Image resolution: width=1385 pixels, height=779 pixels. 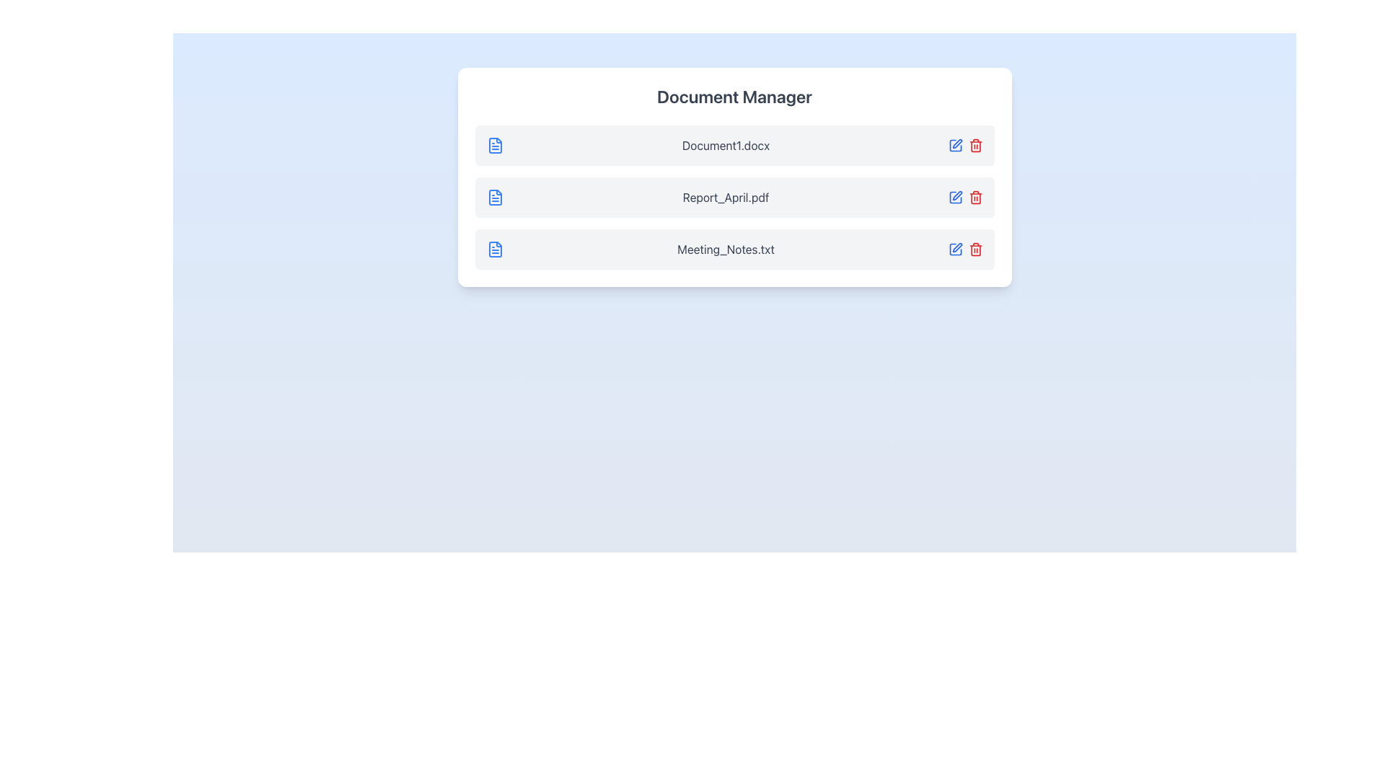 I want to click on the document icon that represents the file type, which is the first icon in the list of document entries, located to the left of 'Document1.docx', so click(x=495, y=145).